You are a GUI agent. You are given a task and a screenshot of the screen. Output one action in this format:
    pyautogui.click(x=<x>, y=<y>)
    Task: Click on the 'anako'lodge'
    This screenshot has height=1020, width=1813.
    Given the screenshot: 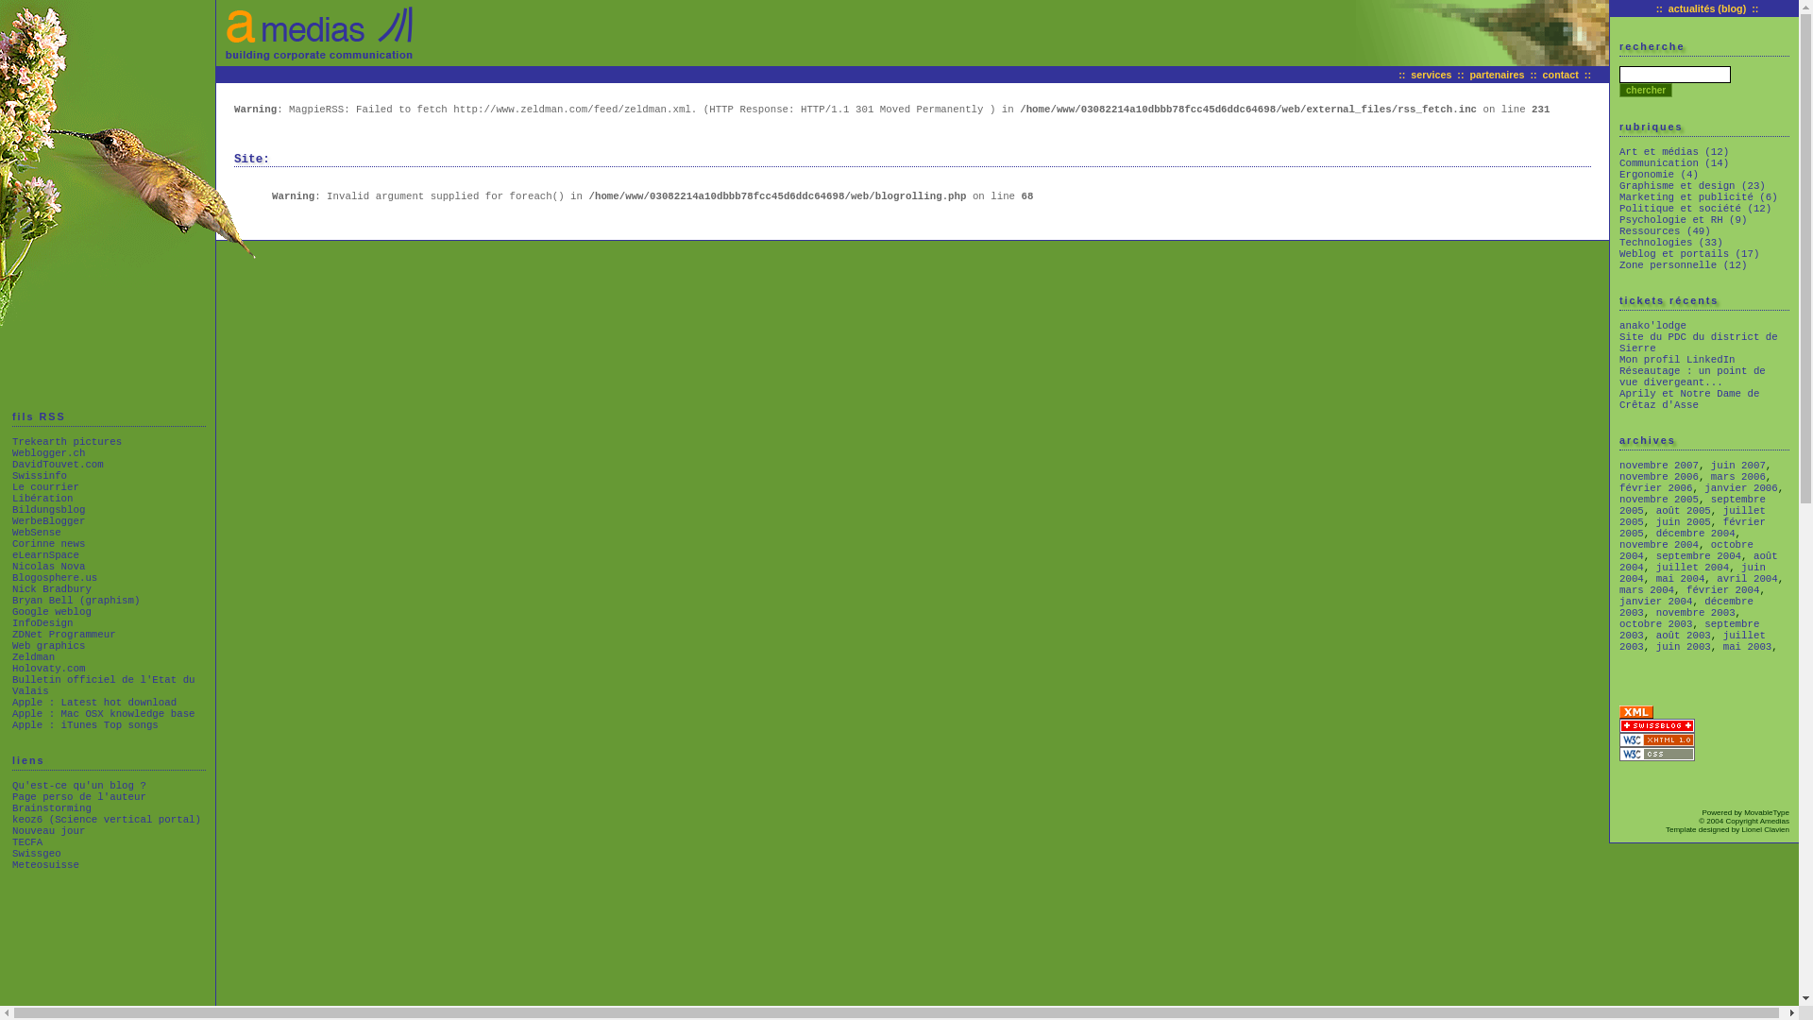 What is the action you would take?
    pyautogui.click(x=1652, y=324)
    